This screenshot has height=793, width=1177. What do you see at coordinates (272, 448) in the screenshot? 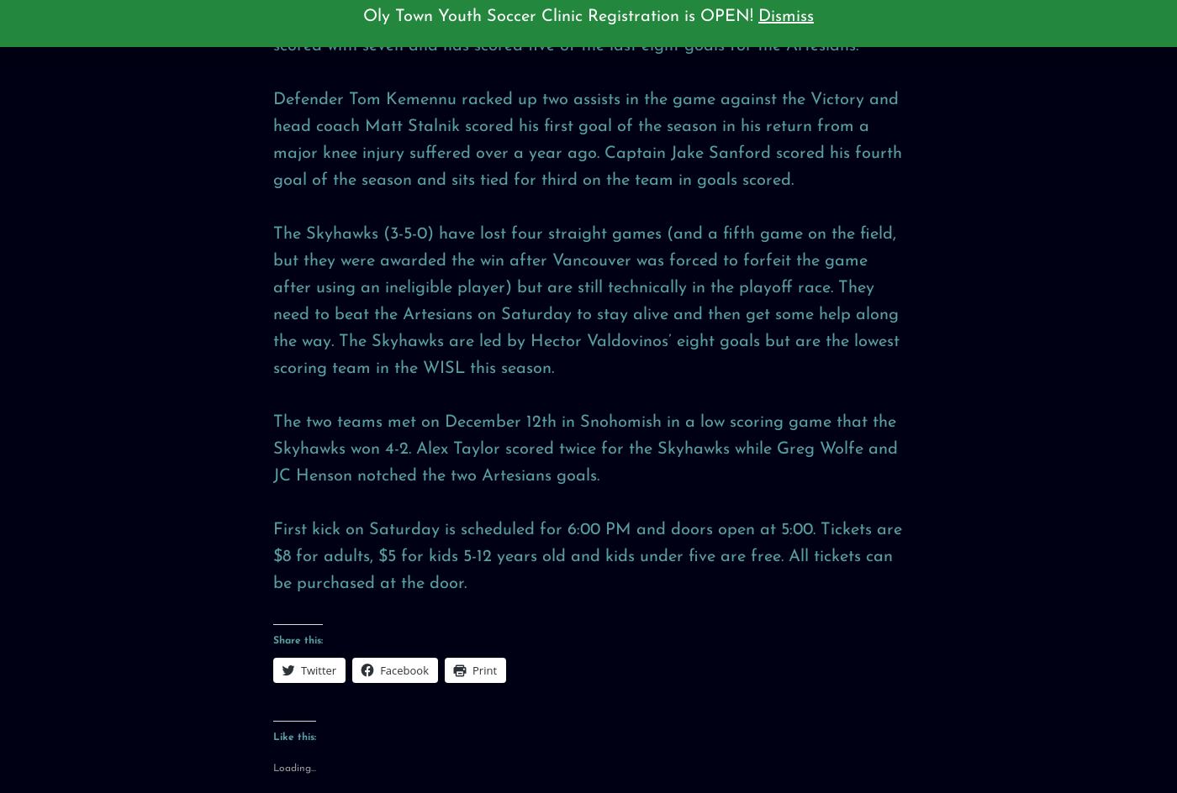
I see `'The two teams met on December 12th in Snohomish in a low scoring game that the Skyhawks won 4-2. Alex Taylor scored twice for the Skyhawks while Greg Wolfe and JC Henson notched the two Artesians goals.'` at bounding box center [272, 448].